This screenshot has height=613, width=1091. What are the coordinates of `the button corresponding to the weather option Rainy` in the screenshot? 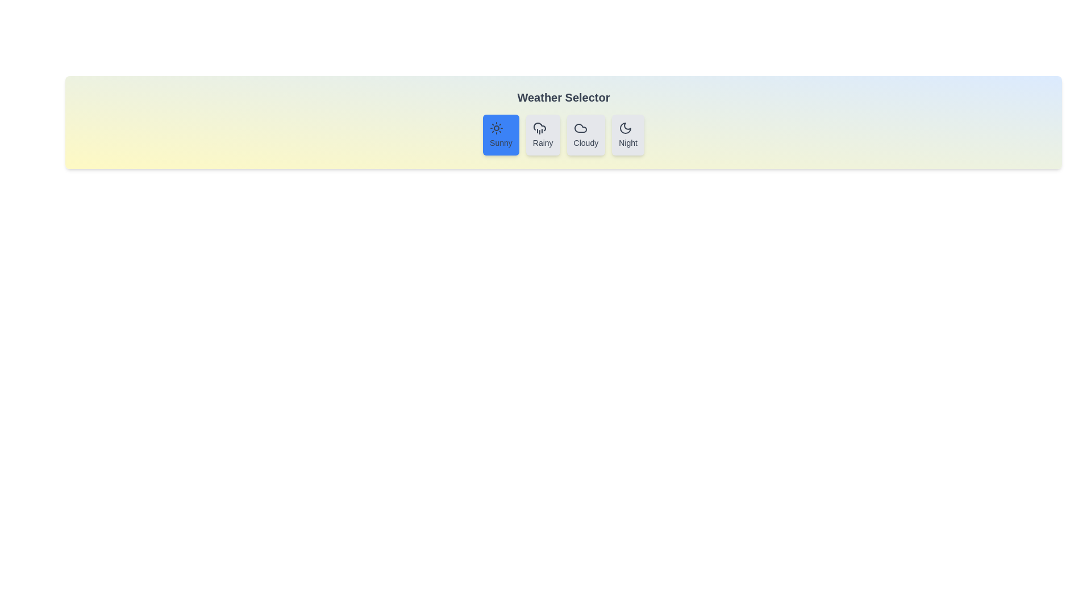 It's located at (542, 135).